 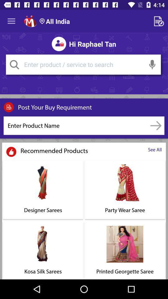 I want to click on to enter product/ service to search, so click(x=83, y=64).